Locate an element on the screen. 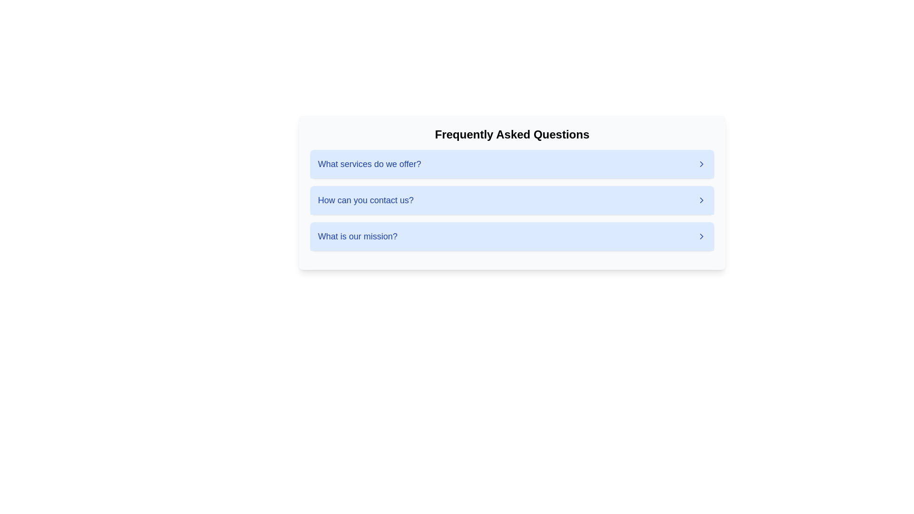 This screenshot has height=514, width=914. text from the label that states 'What services do we offer?', which is prominently displayed in a bold blue font as the first entry in a vertically-stacked list is located at coordinates (369, 163).